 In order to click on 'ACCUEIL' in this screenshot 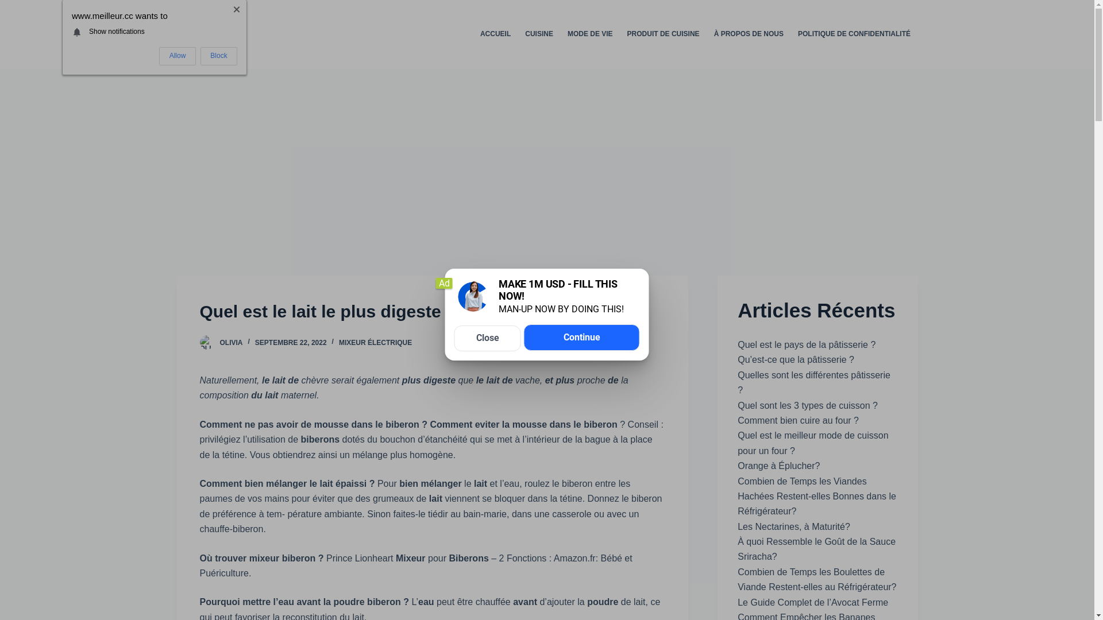, I will do `click(472, 34)`.